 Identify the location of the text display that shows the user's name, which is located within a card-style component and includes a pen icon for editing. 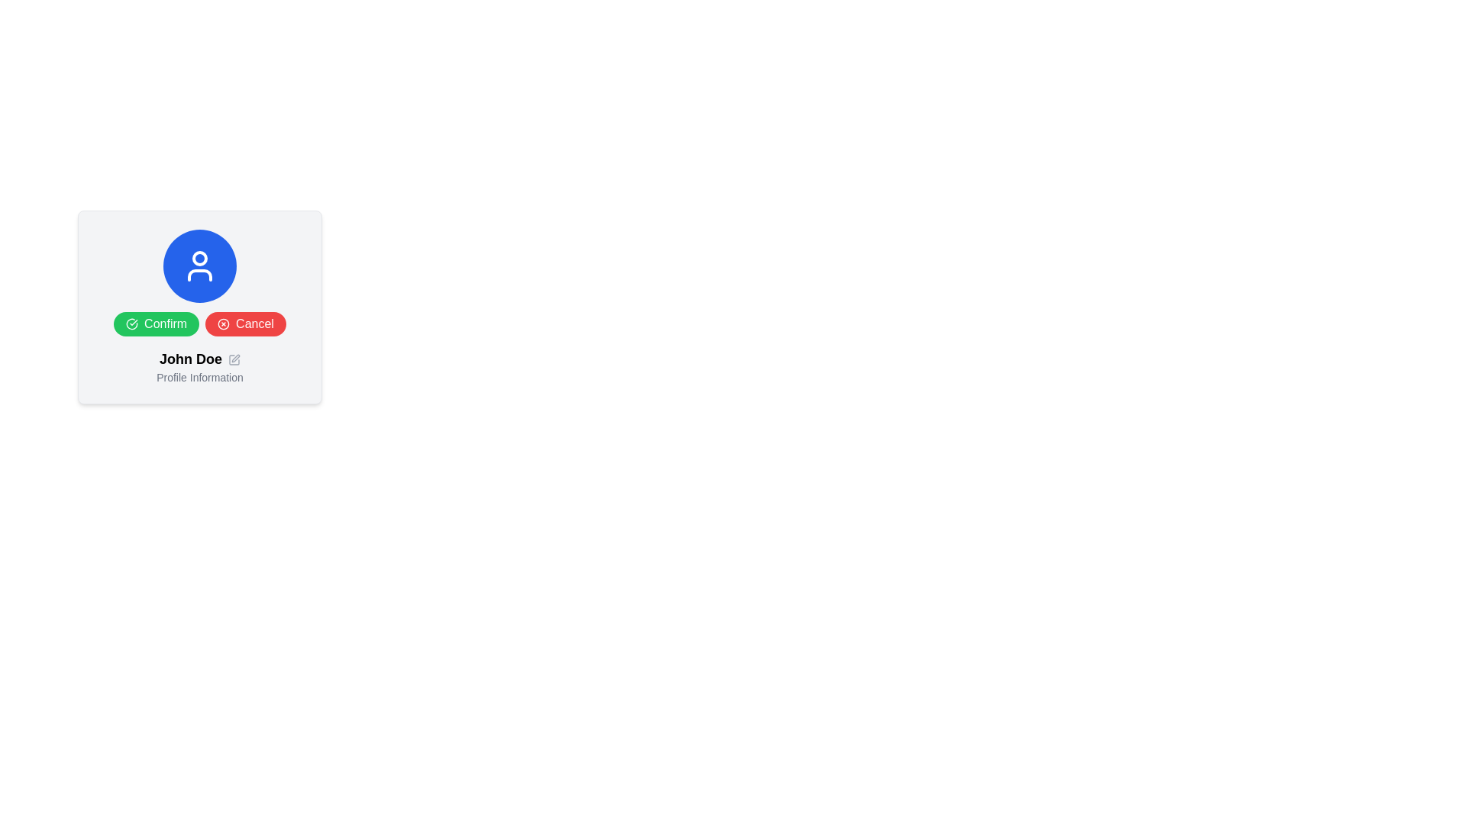
(199, 367).